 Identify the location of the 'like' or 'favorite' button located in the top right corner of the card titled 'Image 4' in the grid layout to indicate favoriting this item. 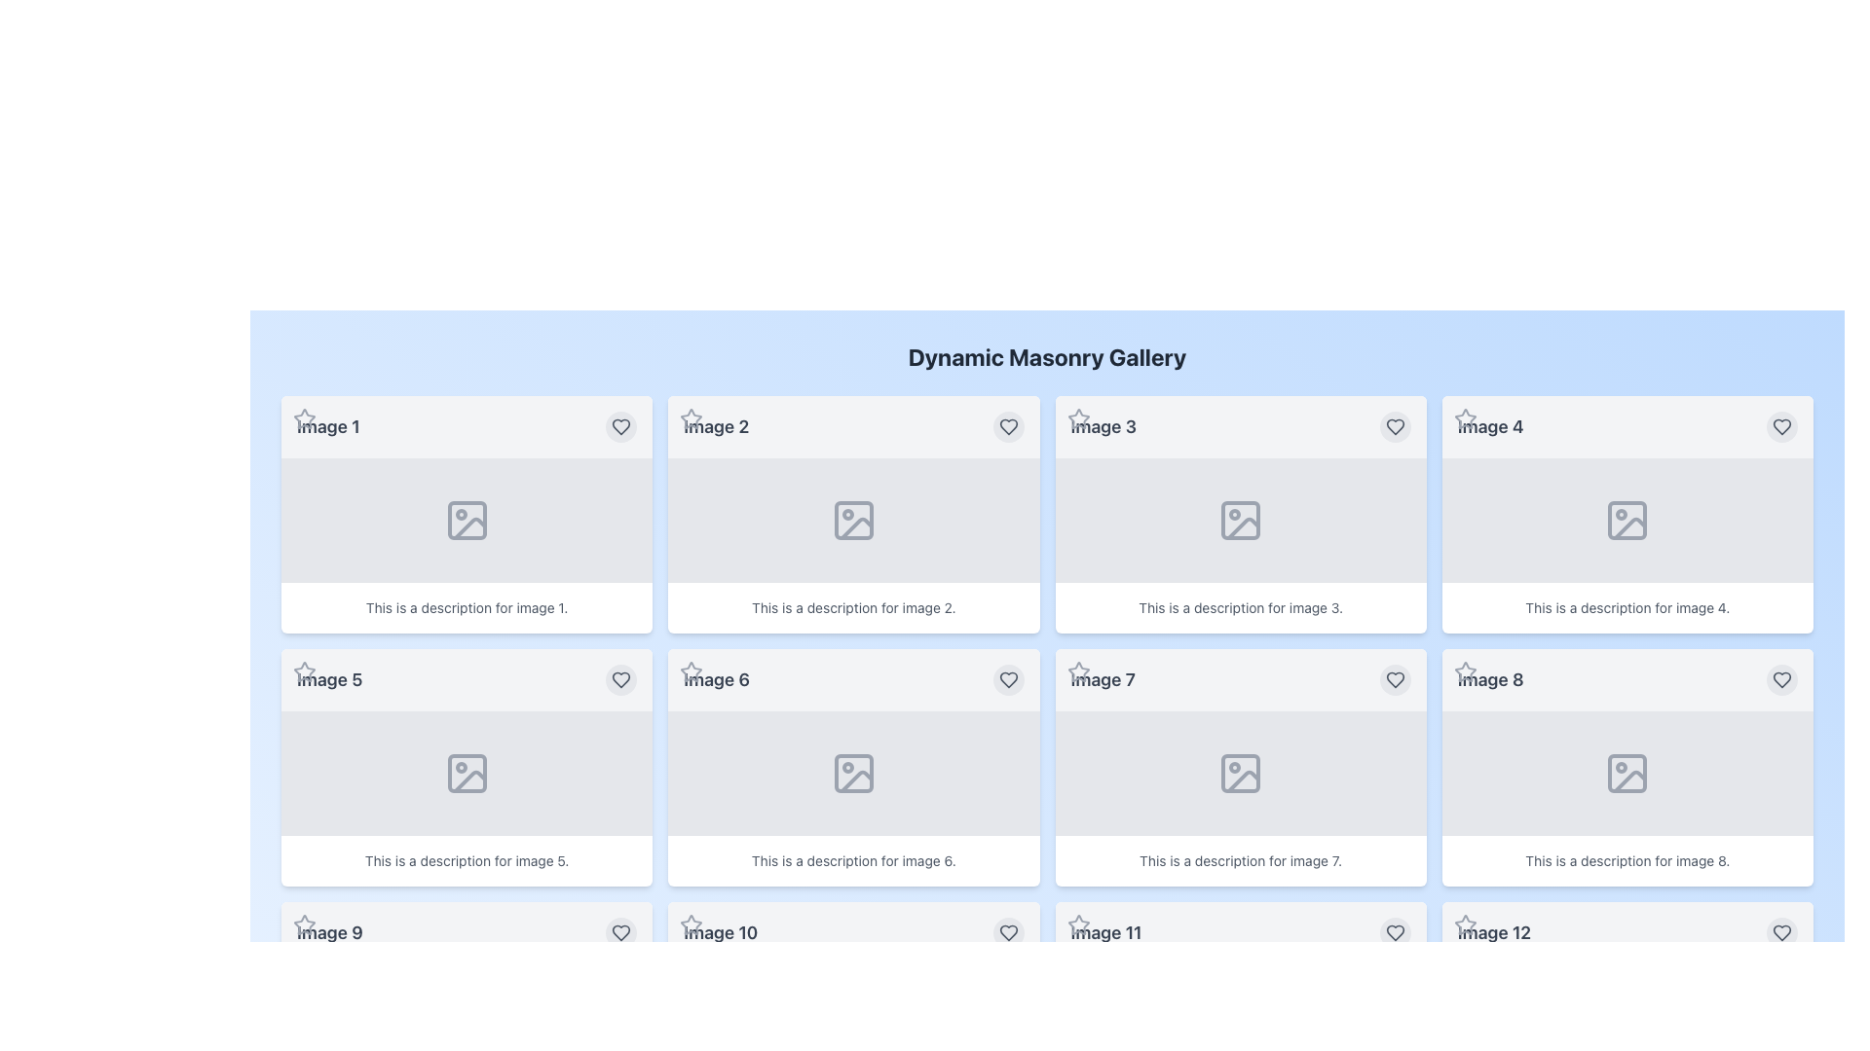
(1781, 426).